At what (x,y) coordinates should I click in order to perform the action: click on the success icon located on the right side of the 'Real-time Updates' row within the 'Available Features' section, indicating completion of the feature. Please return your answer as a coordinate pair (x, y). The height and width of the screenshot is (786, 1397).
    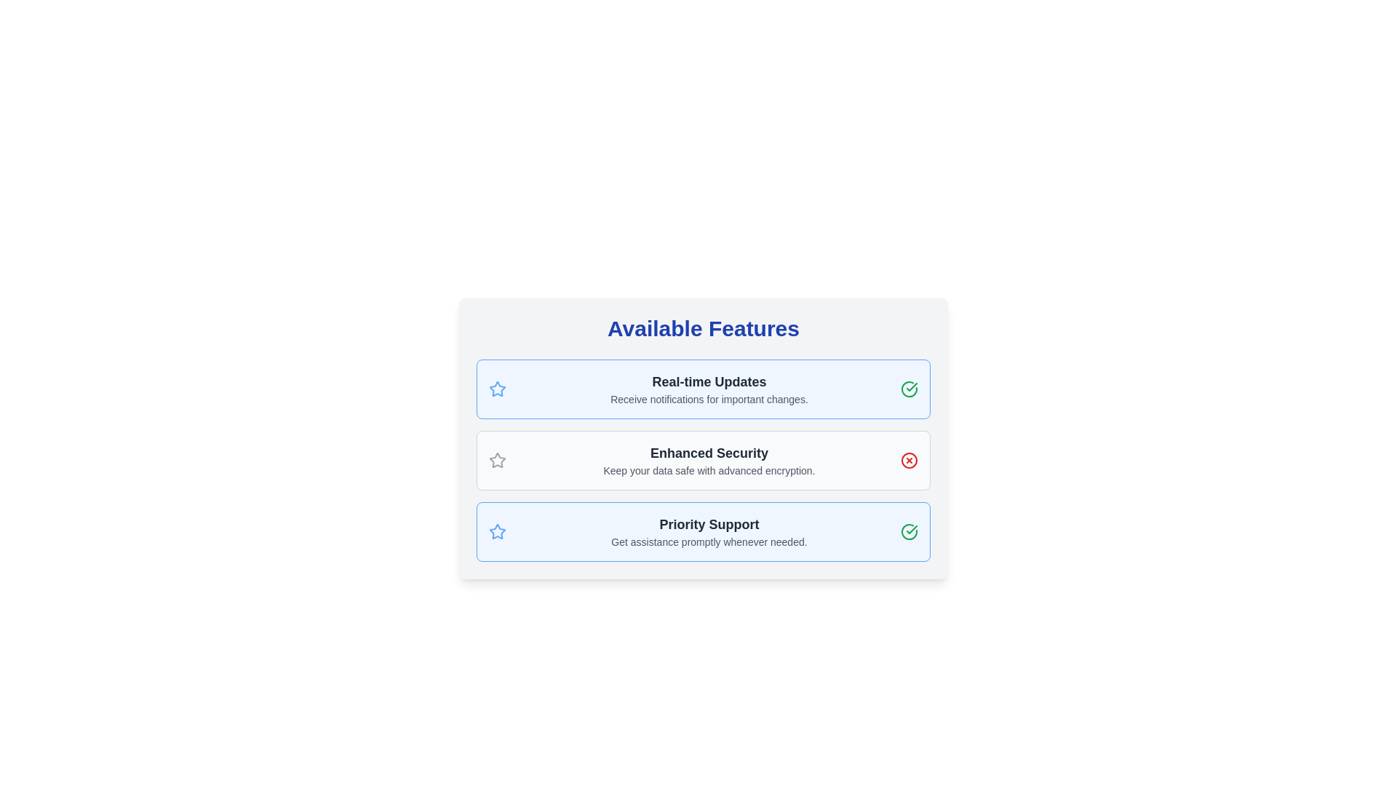
    Looking at the image, I should click on (908, 389).